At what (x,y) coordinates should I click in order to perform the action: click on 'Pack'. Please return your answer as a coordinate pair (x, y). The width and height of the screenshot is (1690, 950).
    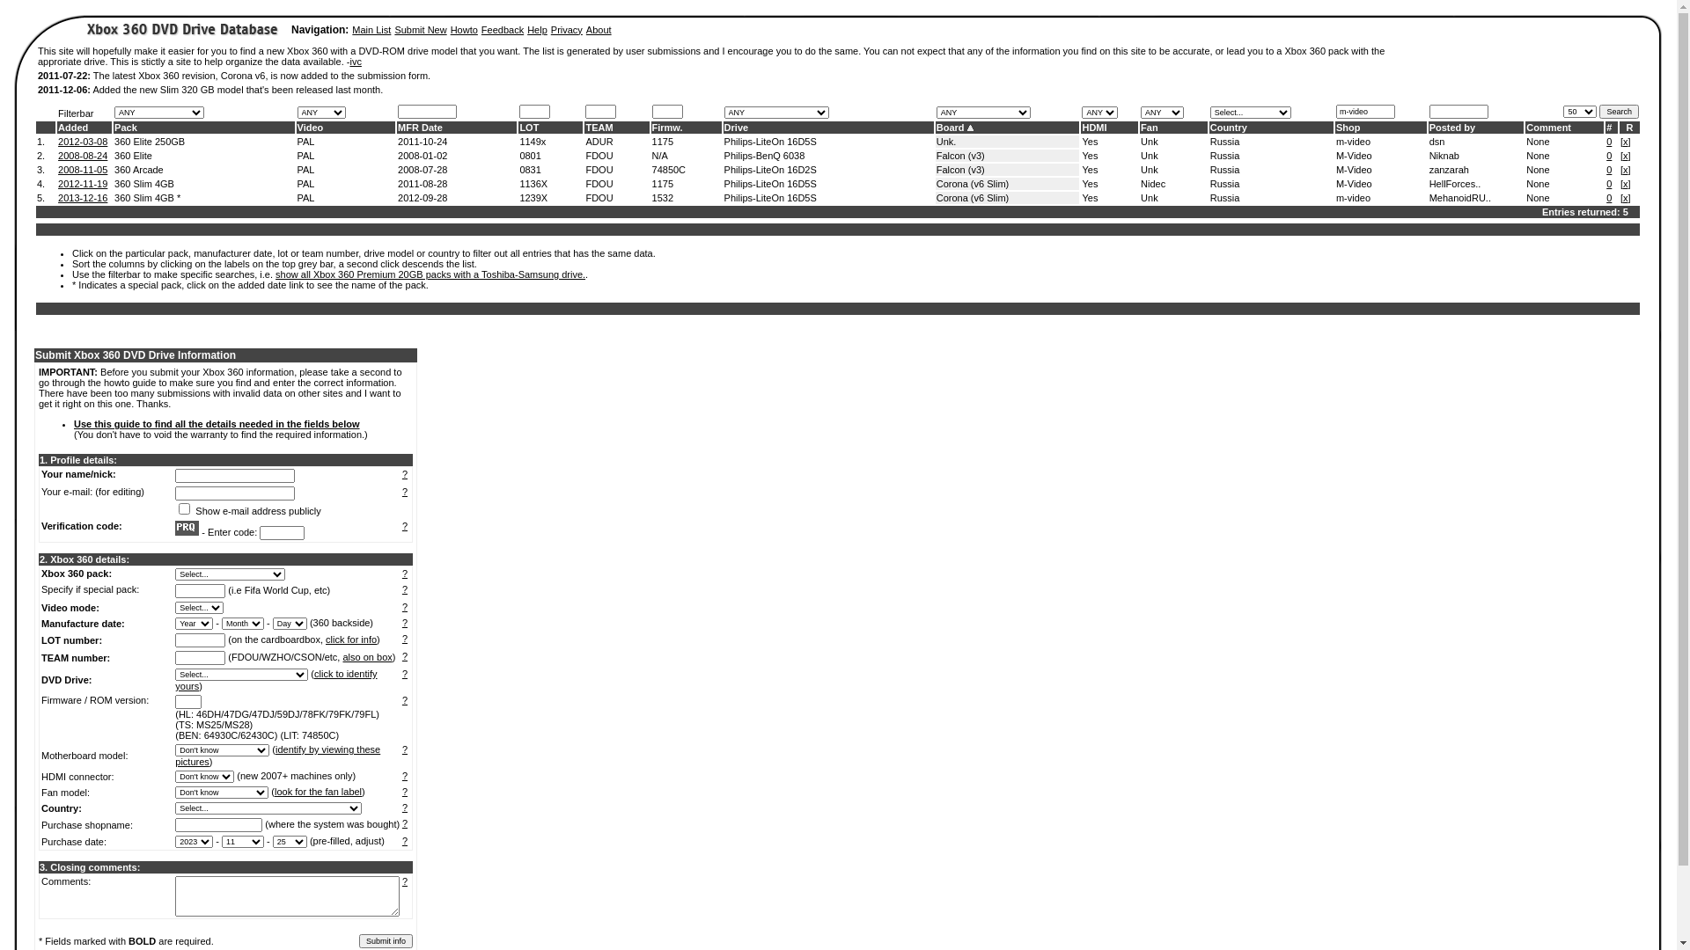
    Looking at the image, I should click on (125, 127).